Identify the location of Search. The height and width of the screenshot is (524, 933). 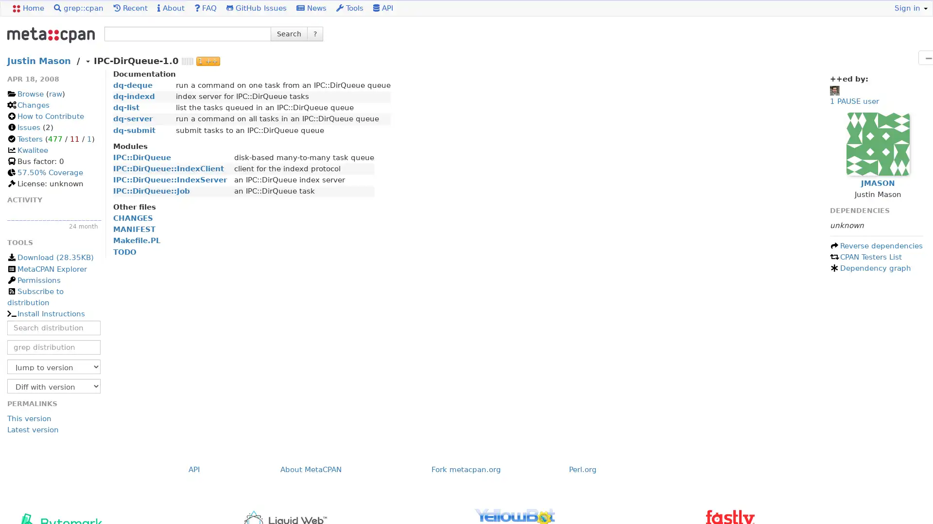
(289, 33).